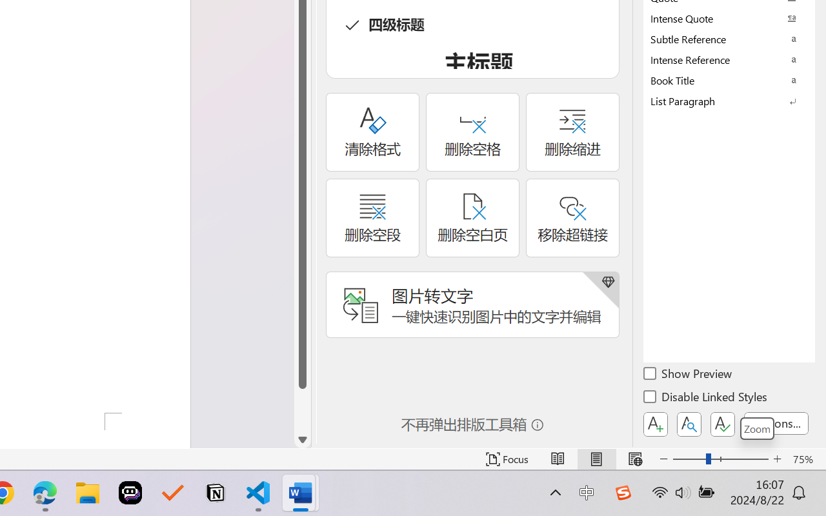 The height and width of the screenshot is (516, 826). What do you see at coordinates (706, 399) in the screenshot?
I see `'Disable Linked Styles'` at bounding box center [706, 399].